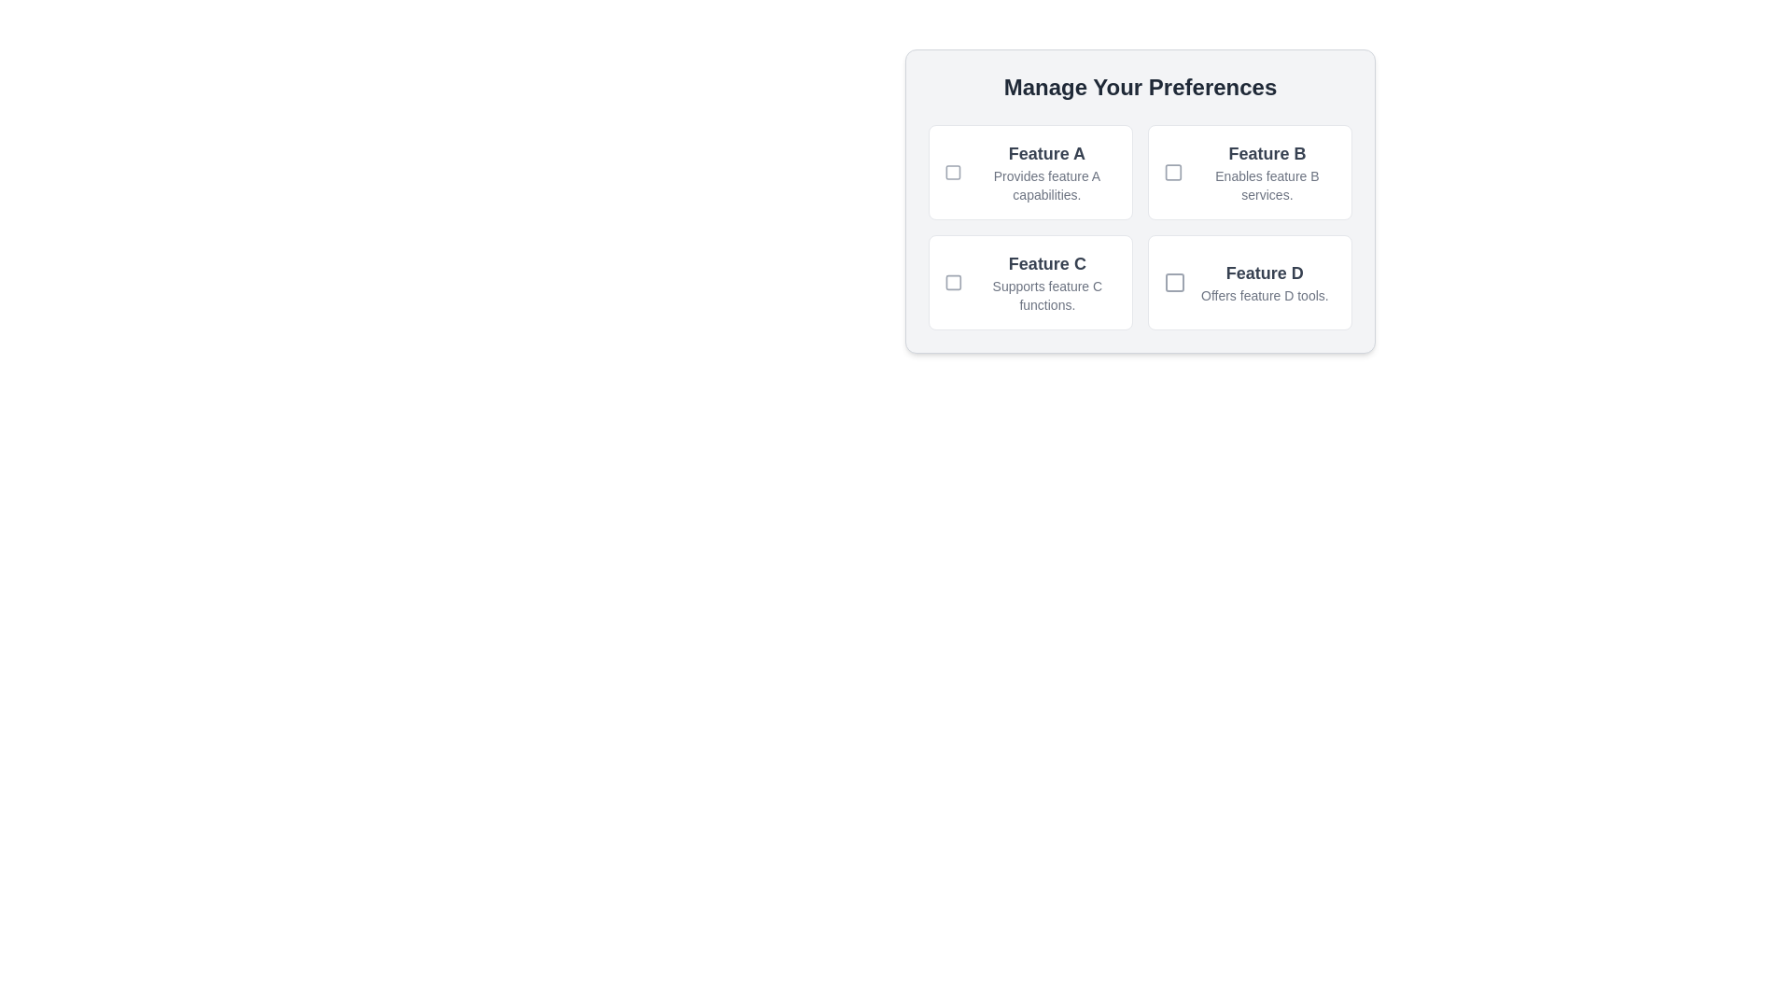 This screenshot has height=1008, width=1792. What do you see at coordinates (1046, 173) in the screenshot?
I see `text content of the information display element titled 'Feature A', which is the first card in the grid of selectable cards` at bounding box center [1046, 173].